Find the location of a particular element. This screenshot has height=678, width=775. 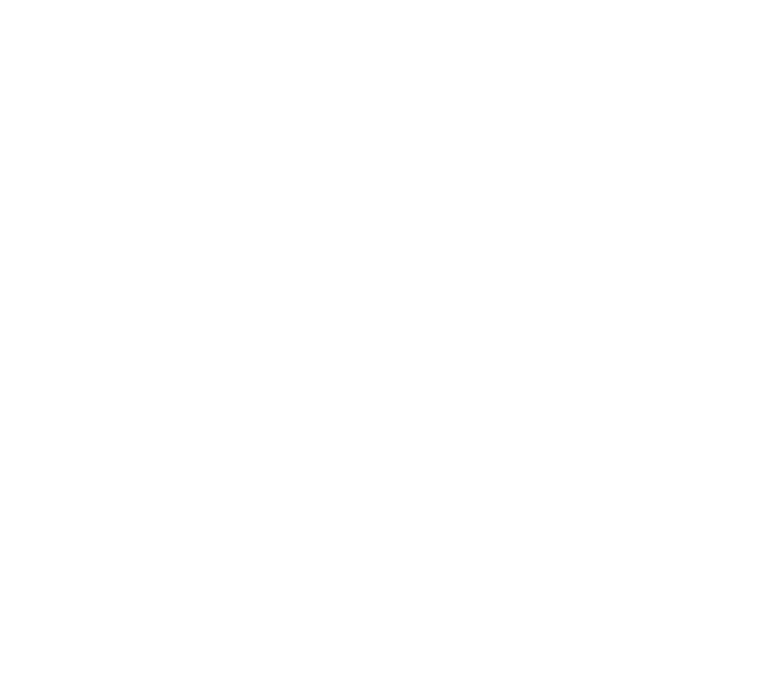

'The Alpha, Lambda, and Omega Desktop Recording Studios are the perfect choice for anyone putting together their first home recording studio. Each of these completely integrated recording systems has all the tools needed to transform your computer into a professional 24-bit digital recording studio.' is located at coordinates (31, 270).